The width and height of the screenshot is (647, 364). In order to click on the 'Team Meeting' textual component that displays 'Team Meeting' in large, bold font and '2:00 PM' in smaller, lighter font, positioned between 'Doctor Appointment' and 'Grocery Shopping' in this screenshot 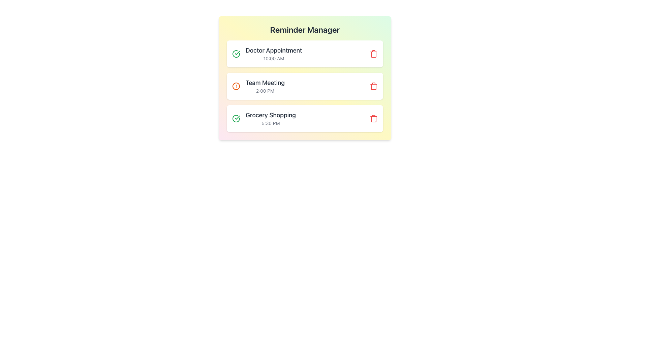, I will do `click(265, 86)`.